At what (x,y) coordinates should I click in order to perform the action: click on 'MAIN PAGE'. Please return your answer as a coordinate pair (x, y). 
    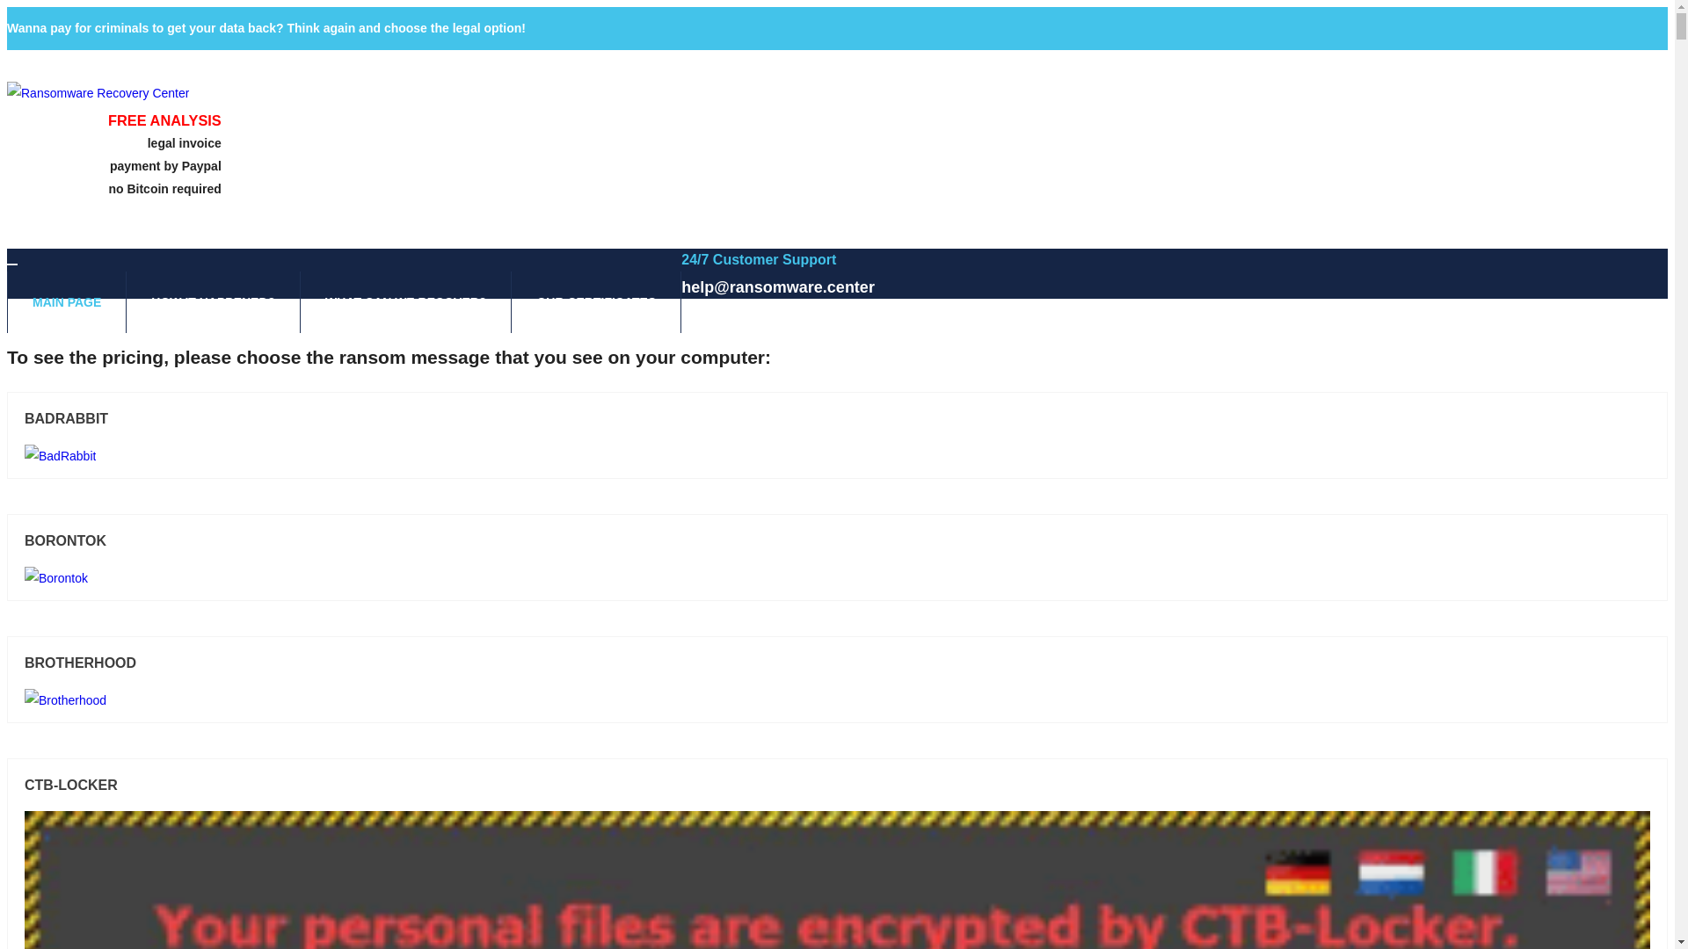
    Looking at the image, I should click on (67, 301).